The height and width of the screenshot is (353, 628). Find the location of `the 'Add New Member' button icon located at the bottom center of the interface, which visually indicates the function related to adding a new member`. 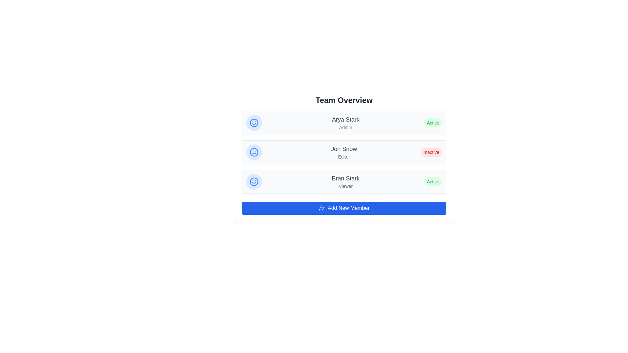

the 'Add New Member' button icon located at the bottom center of the interface, which visually indicates the function related to adding a new member is located at coordinates (322, 208).